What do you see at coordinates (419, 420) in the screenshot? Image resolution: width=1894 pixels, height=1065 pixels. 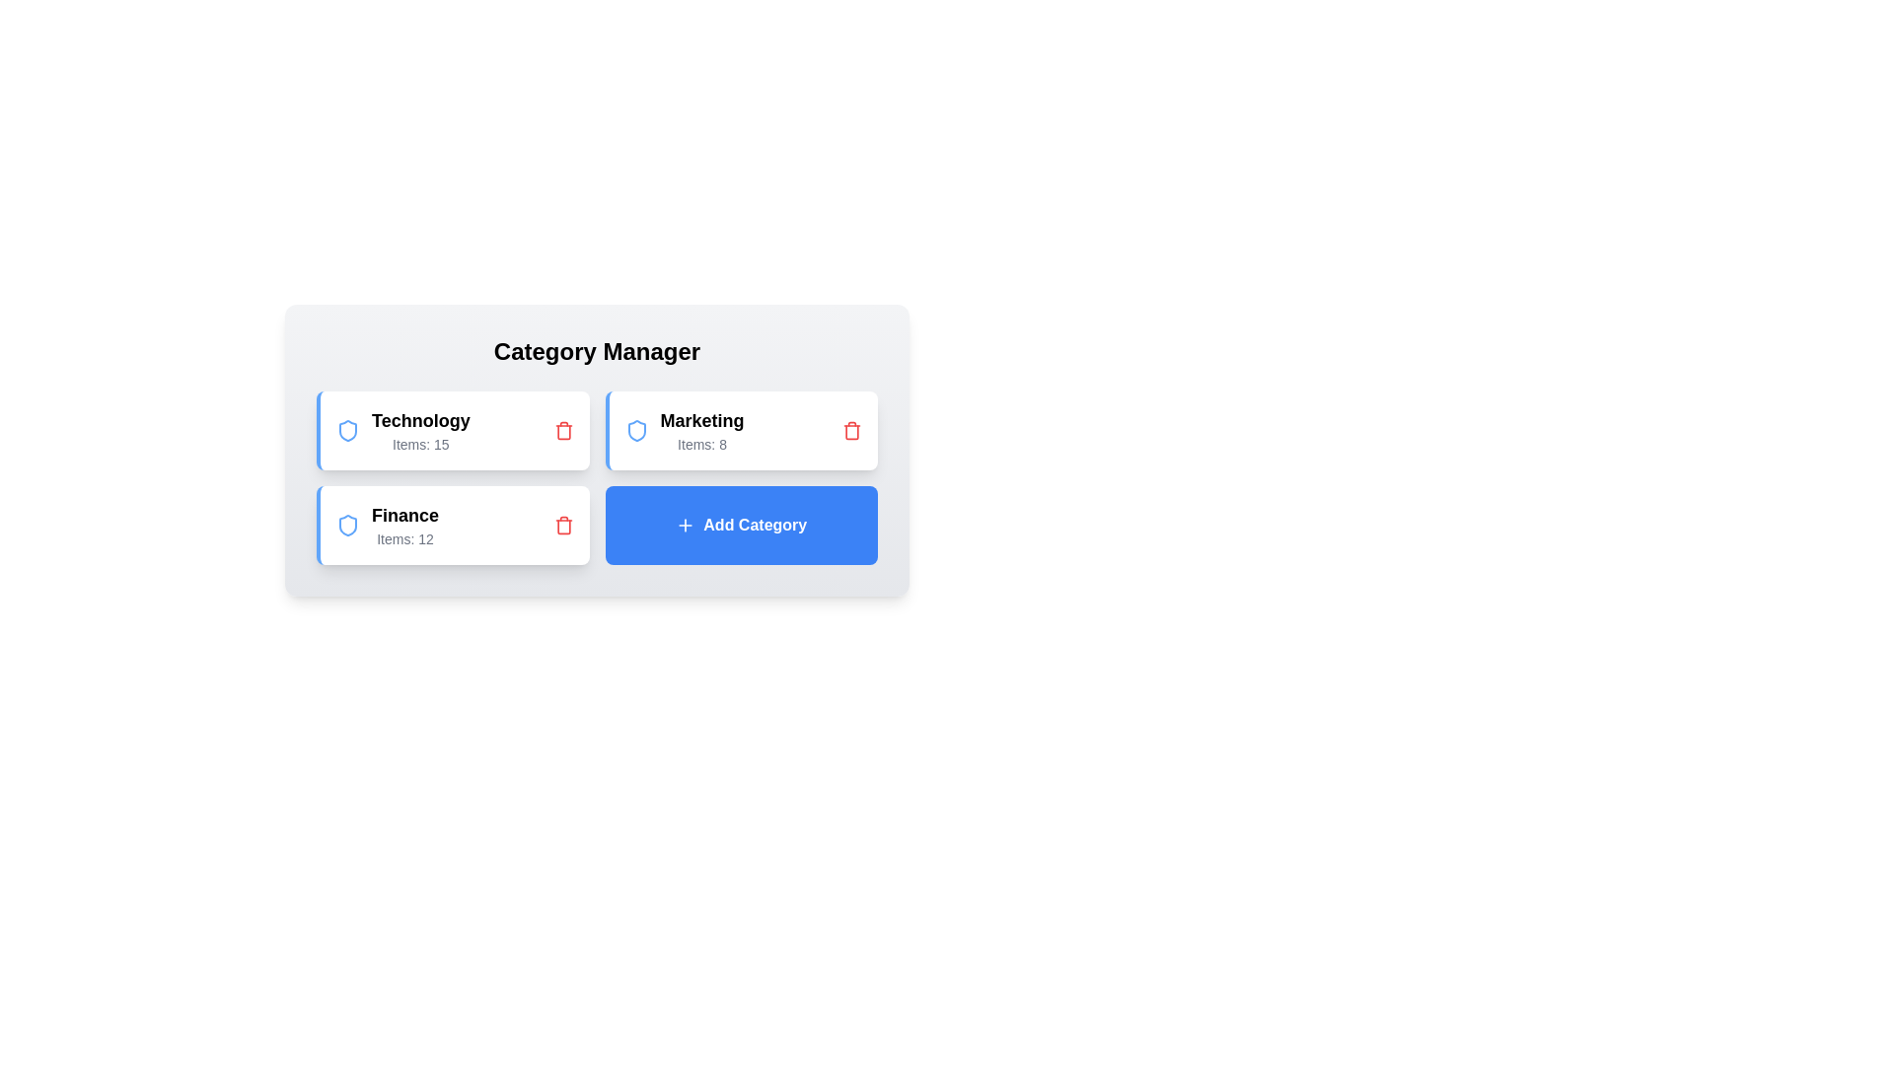 I see `the category name Technology to select it` at bounding box center [419, 420].